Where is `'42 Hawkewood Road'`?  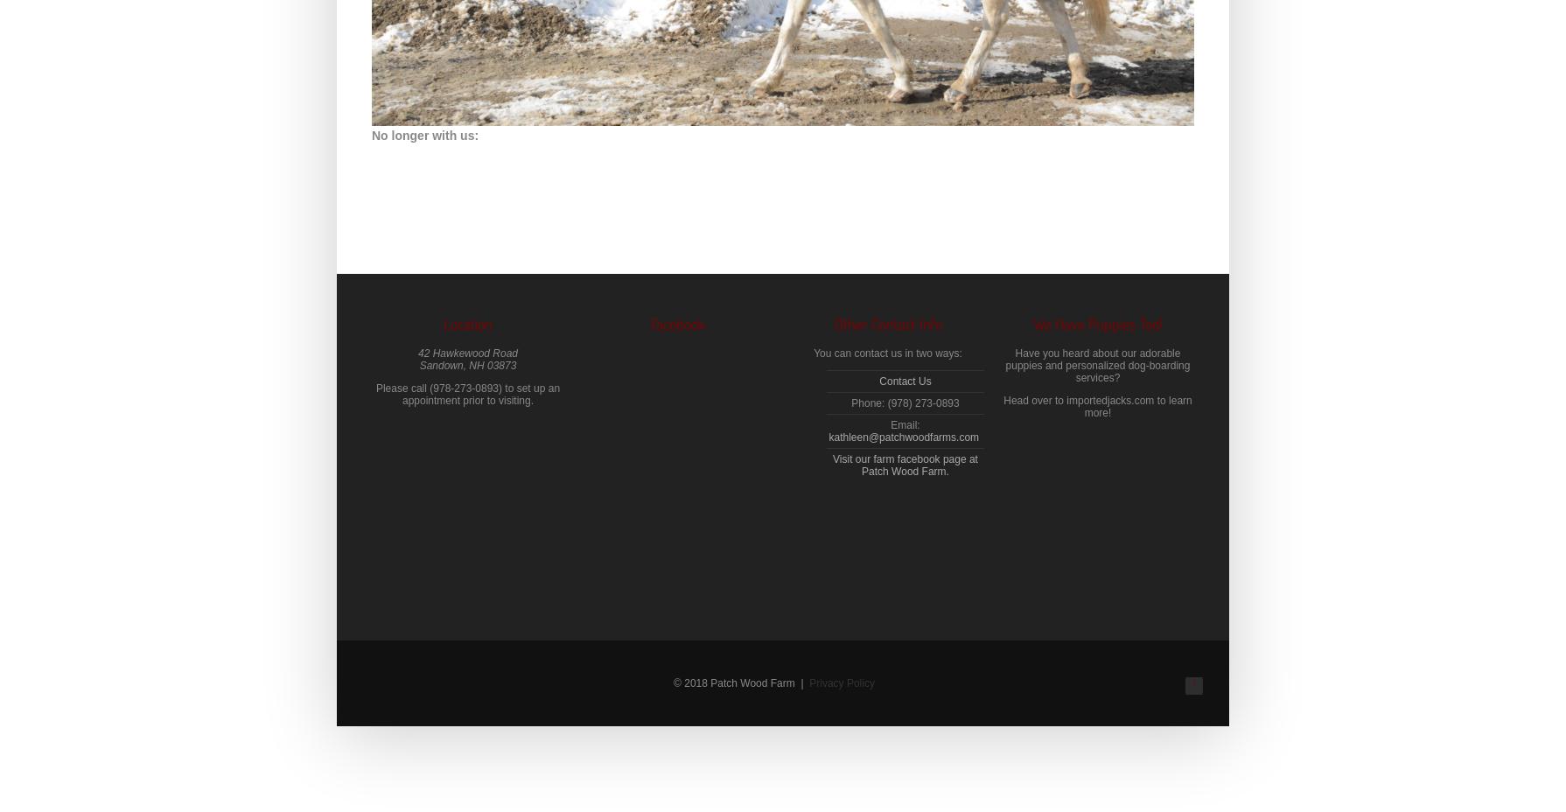
'42 Hawkewood Road' is located at coordinates (416, 353).